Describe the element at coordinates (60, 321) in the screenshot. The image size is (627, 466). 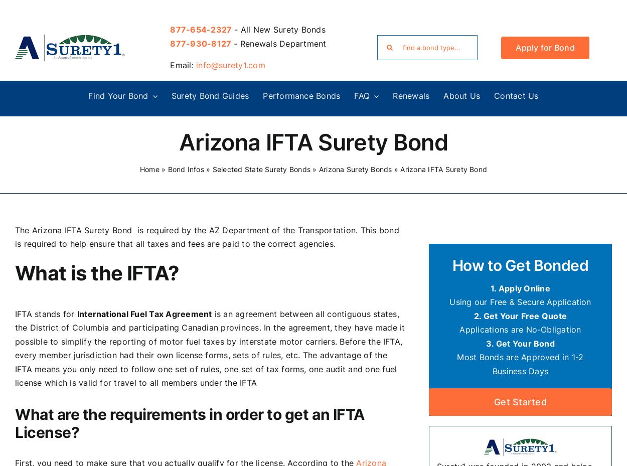
I see `'New Mexico Surety Bonds'` at that location.